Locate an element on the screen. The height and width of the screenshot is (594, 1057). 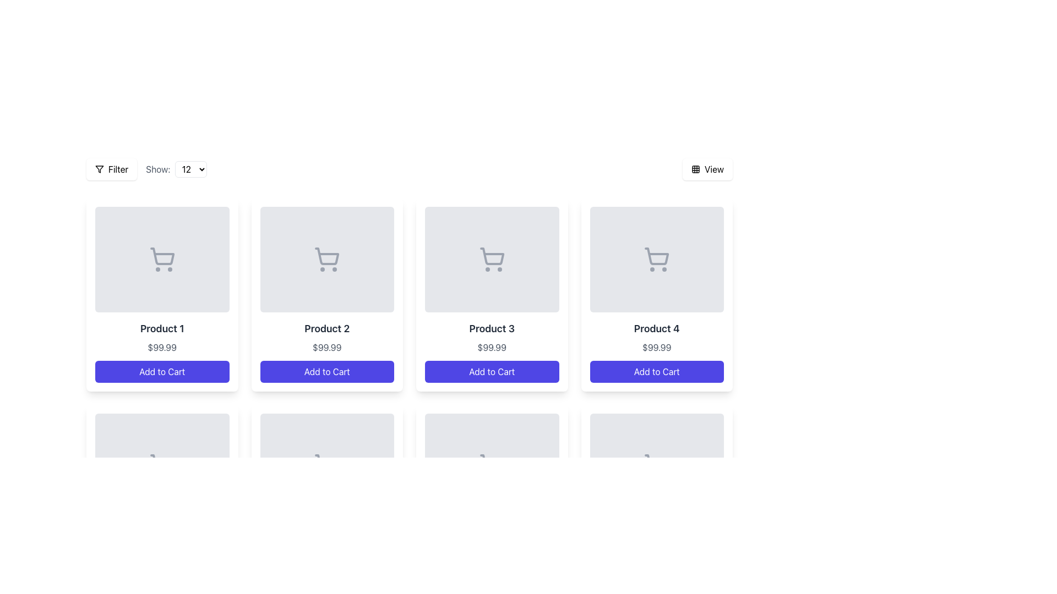
the shopping cart icon which is a vector graphic representation located above the 'Add to Cart' button in the product display grid is located at coordinates (326, 463).